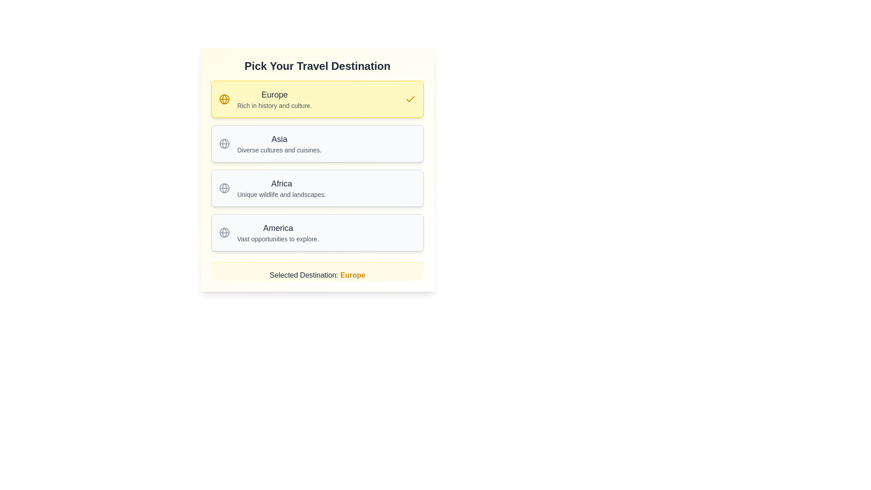  What do you see at coordinates (224, 143) in the screenshot?
I see `the appearance of the globe icon located to the left of the 'Asia' label in the vertical menu layout` at bounding box center [224, 143].